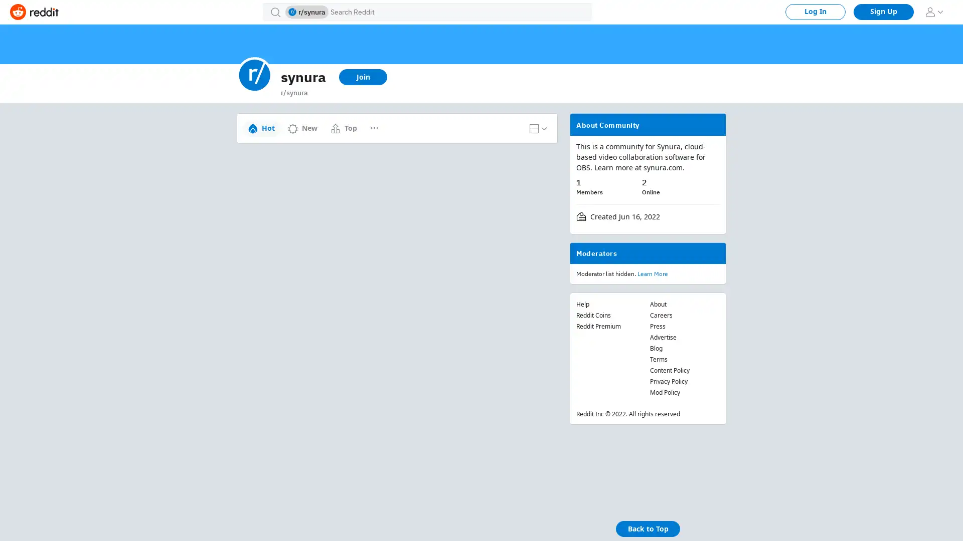  What do you see at coordinates (334, 204) in the screenshot?
I see `Share` at bounding box center [334, 204].